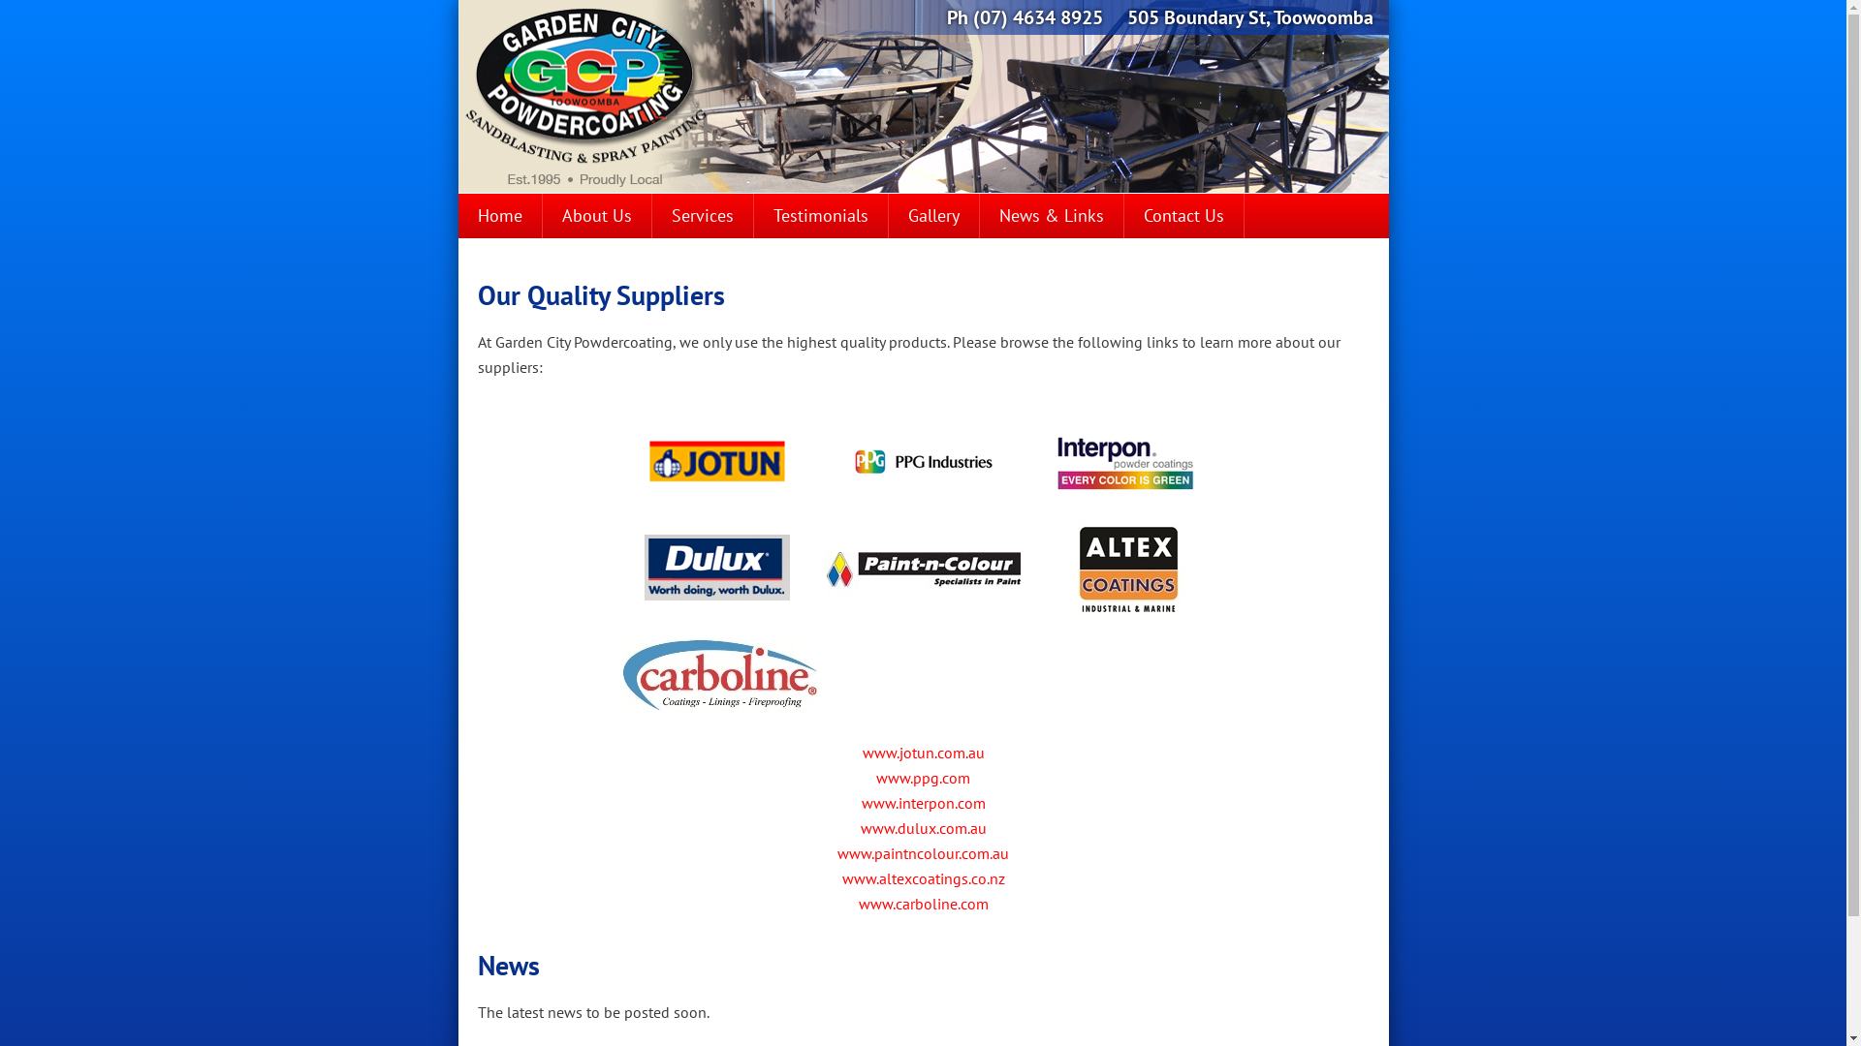  Describe the element at coordinates (923, 828) in the screenshot. I see `'www.dulux.com.au'` at that location.